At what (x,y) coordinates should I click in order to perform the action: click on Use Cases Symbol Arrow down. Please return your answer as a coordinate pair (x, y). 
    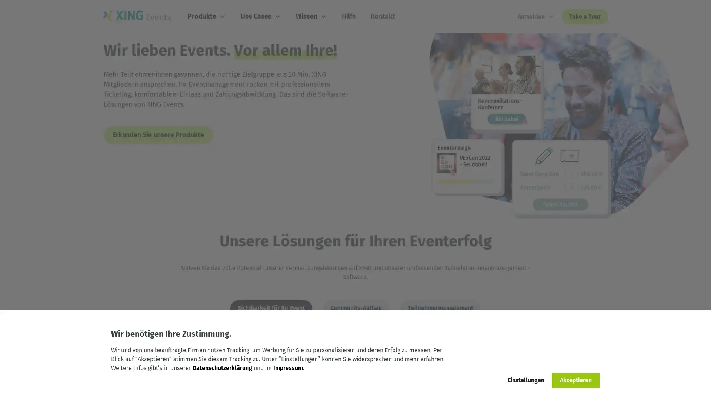
    Looking at the image, I should click on (262, 16).